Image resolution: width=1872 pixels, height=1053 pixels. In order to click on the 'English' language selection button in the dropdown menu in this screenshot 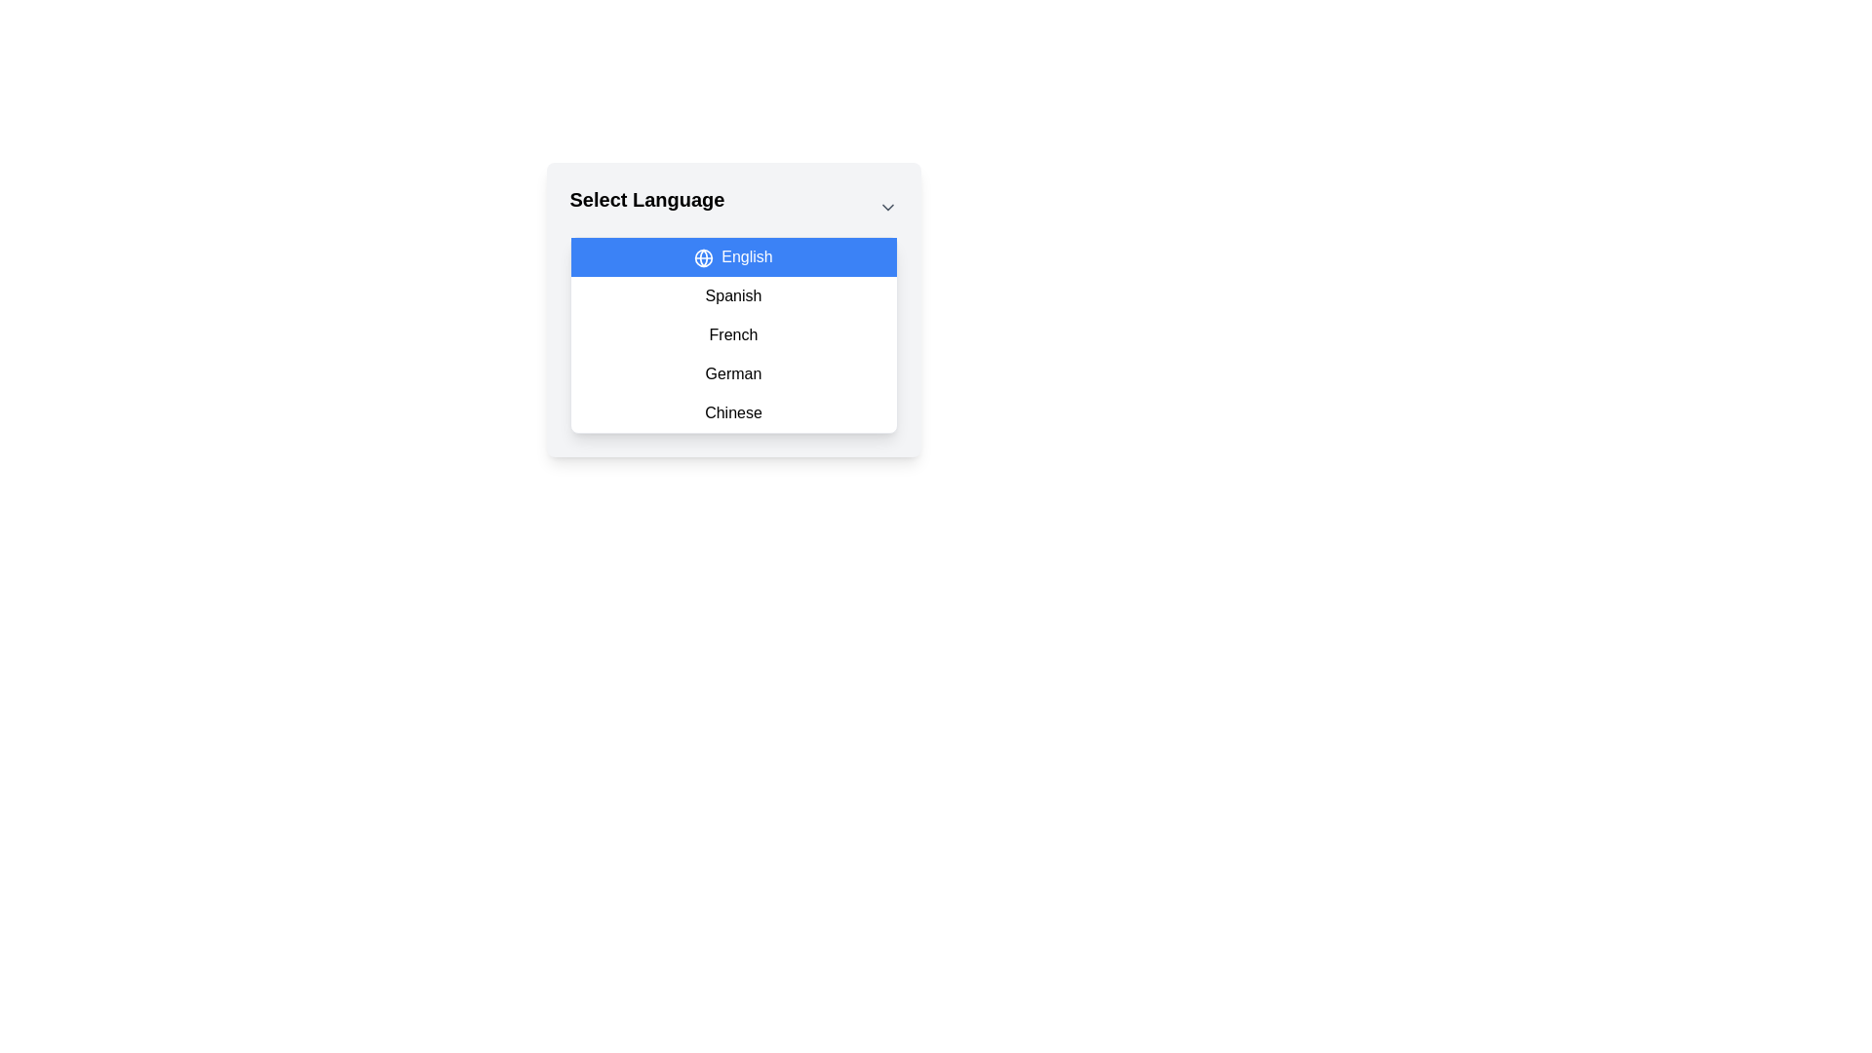, I will do `click(732, 255)`.